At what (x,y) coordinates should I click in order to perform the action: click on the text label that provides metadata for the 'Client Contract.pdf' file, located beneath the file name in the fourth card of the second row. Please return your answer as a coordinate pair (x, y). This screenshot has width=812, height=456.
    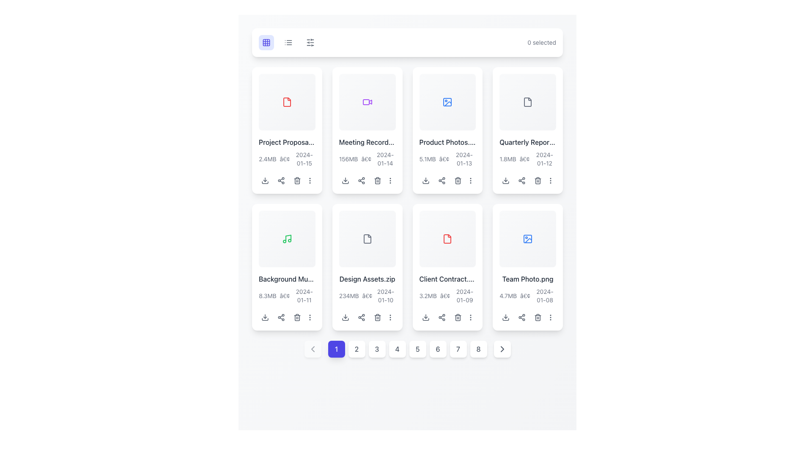
    Looking at the image, I should click on (447, 295).